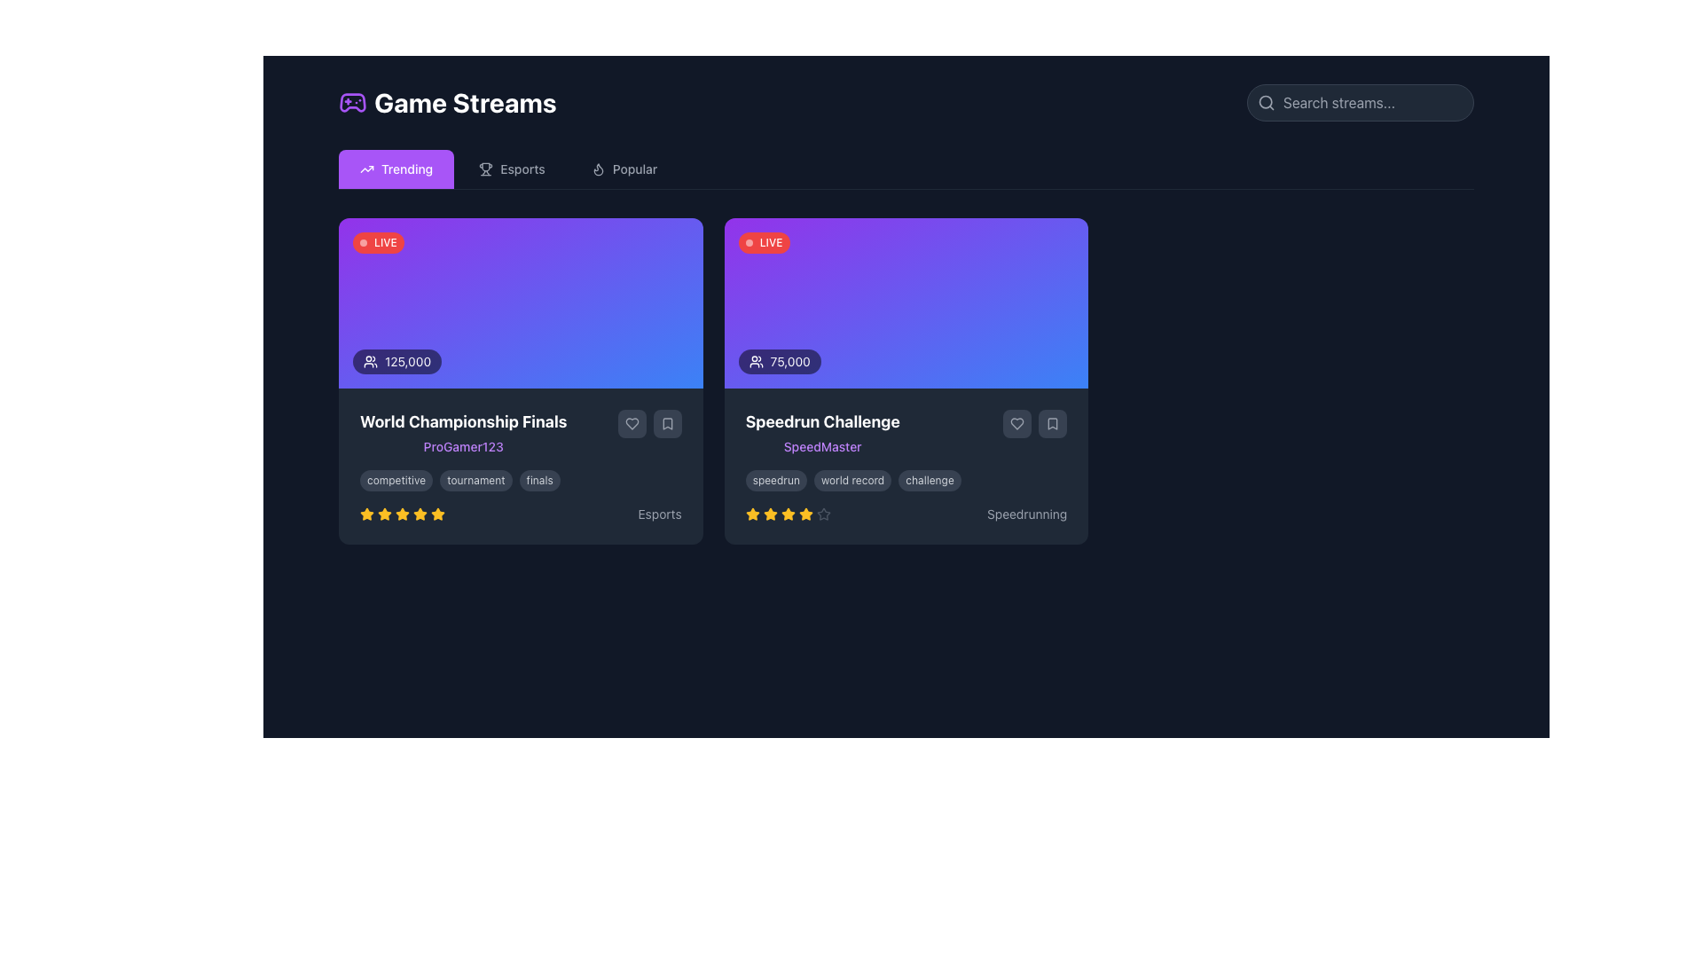 The width and height of the screenshot is (1703, 958). What do you see at coordinates (384, 242) in the screenshot?
I see `text label indicating the live status of the game stream, which is located inside a red badge at the top-left of a card in a horizontal grid layout` at bounding box center [384, 242].